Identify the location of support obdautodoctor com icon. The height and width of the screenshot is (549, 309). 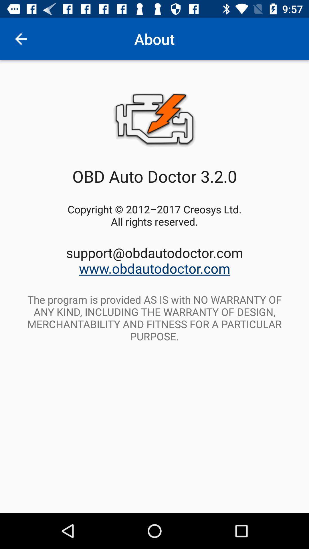
(154, 260).